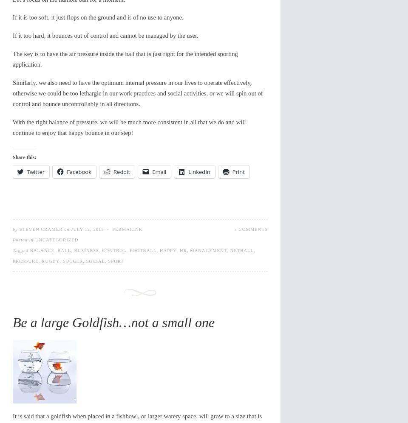 This screenshot has width=408, height=423. Describe the element at coordinates (229, 250) in the screenshot. I see `'netball'` at that location.